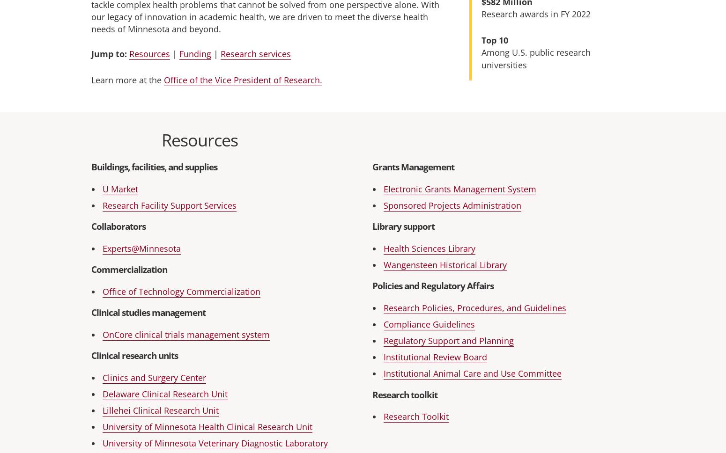 Image resolution: width=726 pixels, height=453 pixels. I want to click on 'Institutional Animal Care and Use Committee', so click(473, 373).